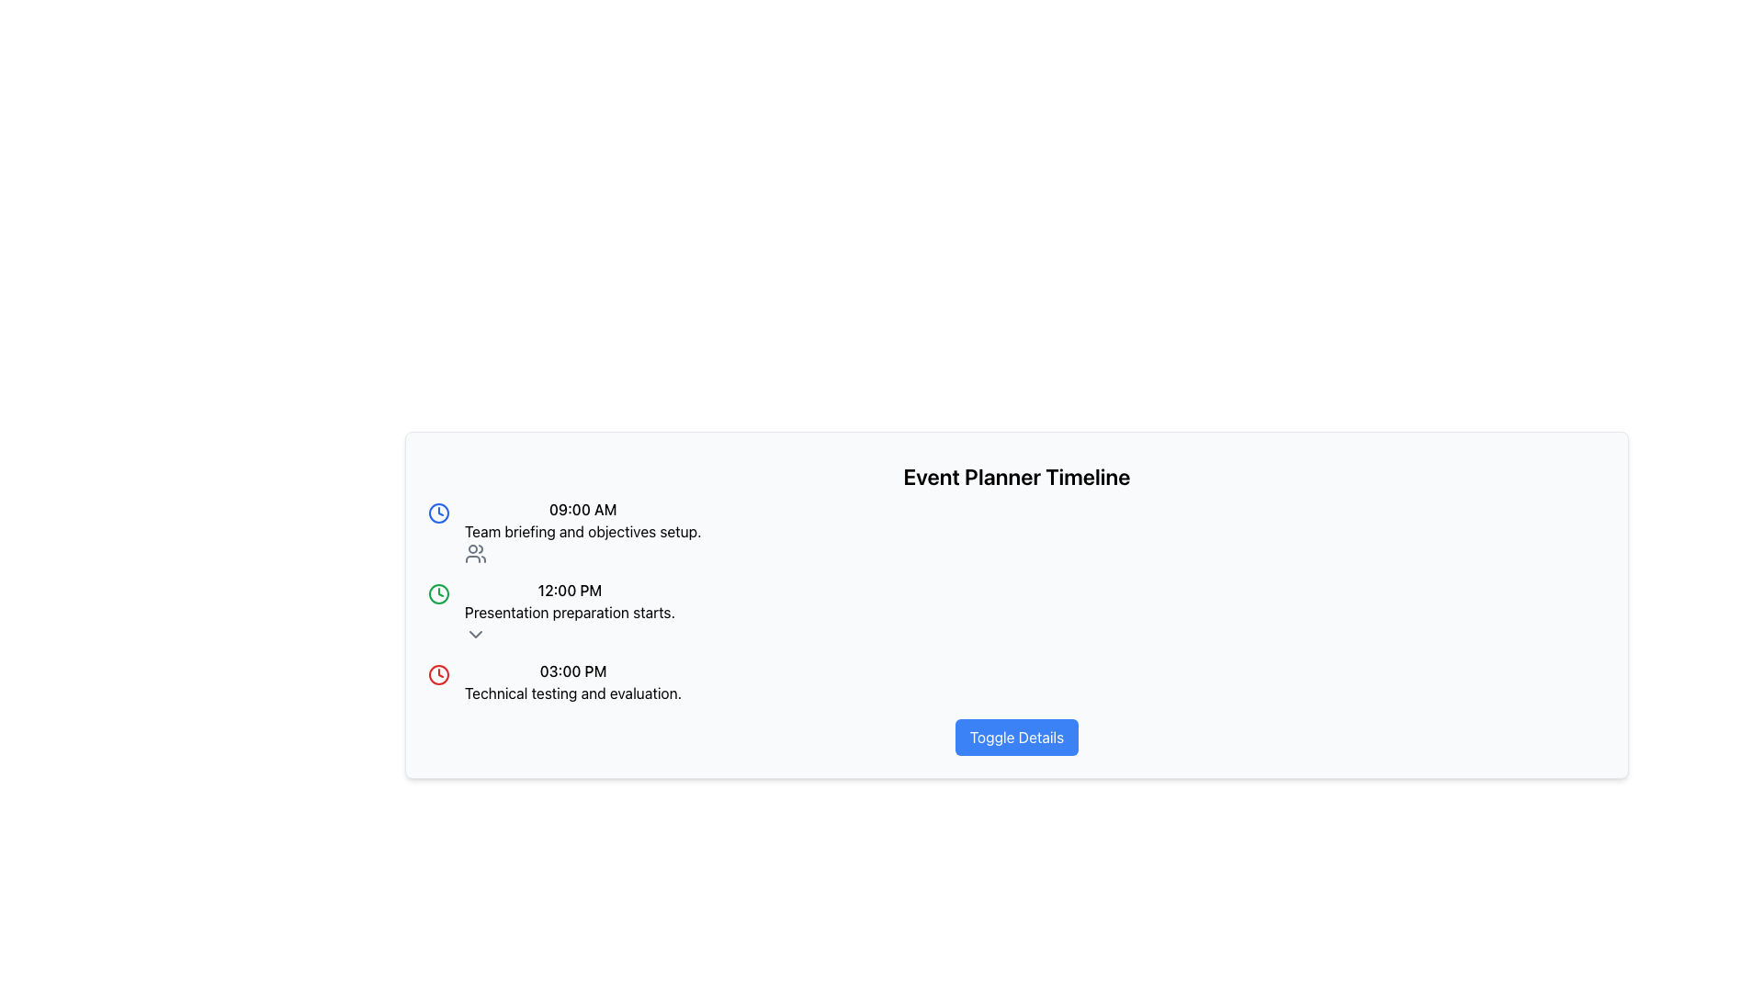  Describe the element at coordinates (438, 675) in the screenshot. I see `the clock icon indicating the event scheduled at '03:00 PM', which is positioned to the left of the corresponding text in the event list` at that location.